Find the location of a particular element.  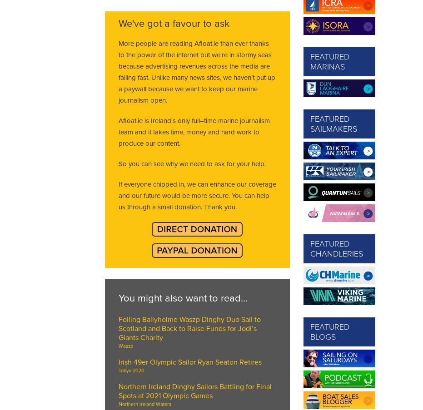

'More people are reading Afloat.ie than ever thanks to the power of the internet but we're in stormy seas because advertising revenues across the media are falling fast. Unlike many news sites, we haven’t put up a paywall because we want to keep our marine journalism open.' is located at coordinates (196, 71).